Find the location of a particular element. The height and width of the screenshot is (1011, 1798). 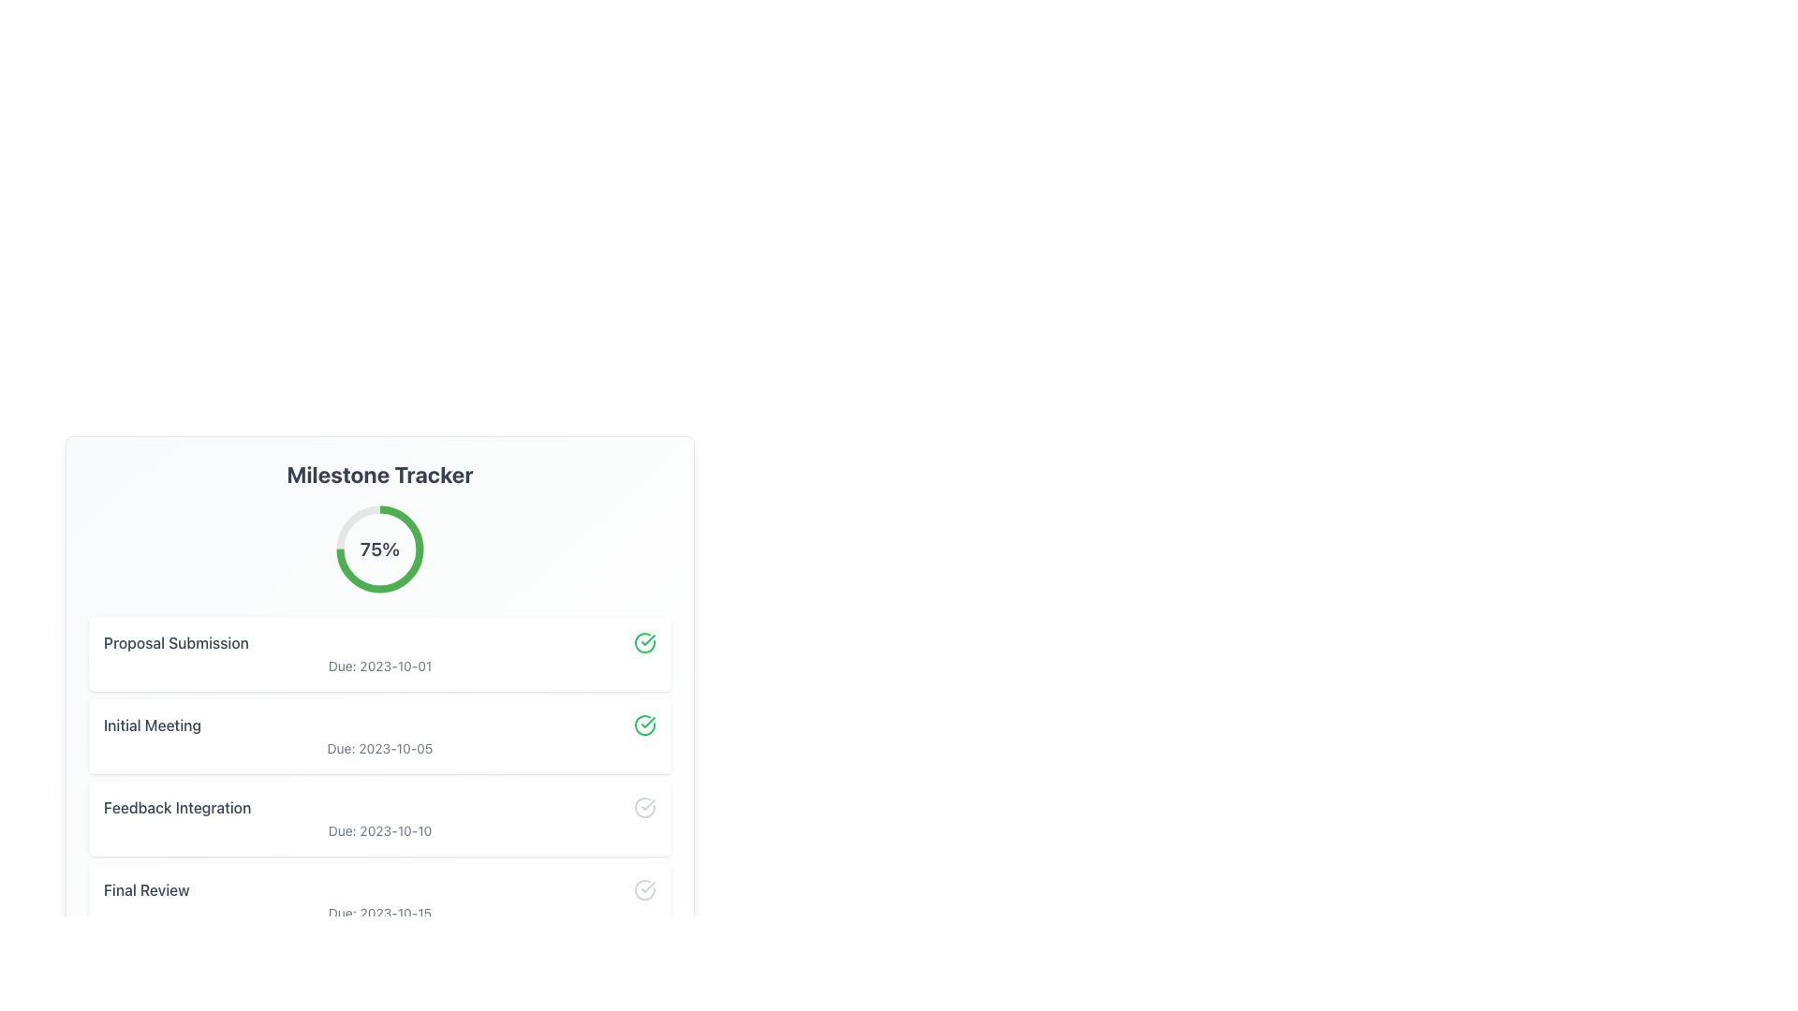

the 'Initial Meeting' milestone block in the Milestone Tracker section, which is the second block in the list and indicates a completed status with a green check icon is located at coordinates (379, 735).